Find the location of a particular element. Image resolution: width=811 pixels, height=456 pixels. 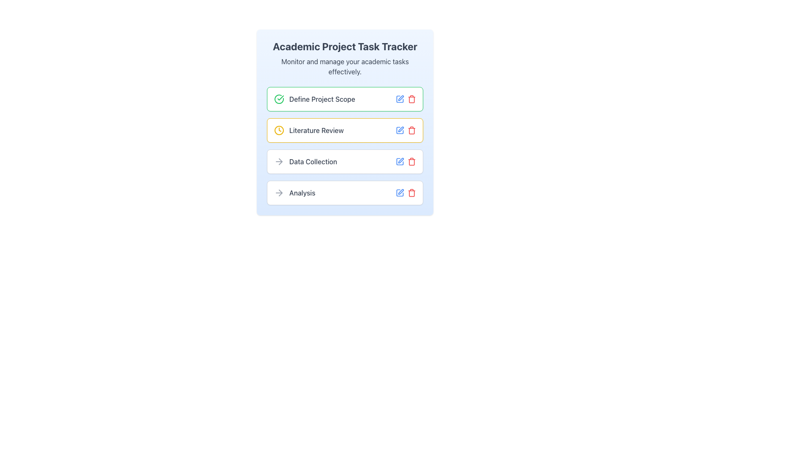

the circular SVG element representing a clock icon, which is located next to the text 'Literature Review' in the task list is located at coordinates (279, 130).